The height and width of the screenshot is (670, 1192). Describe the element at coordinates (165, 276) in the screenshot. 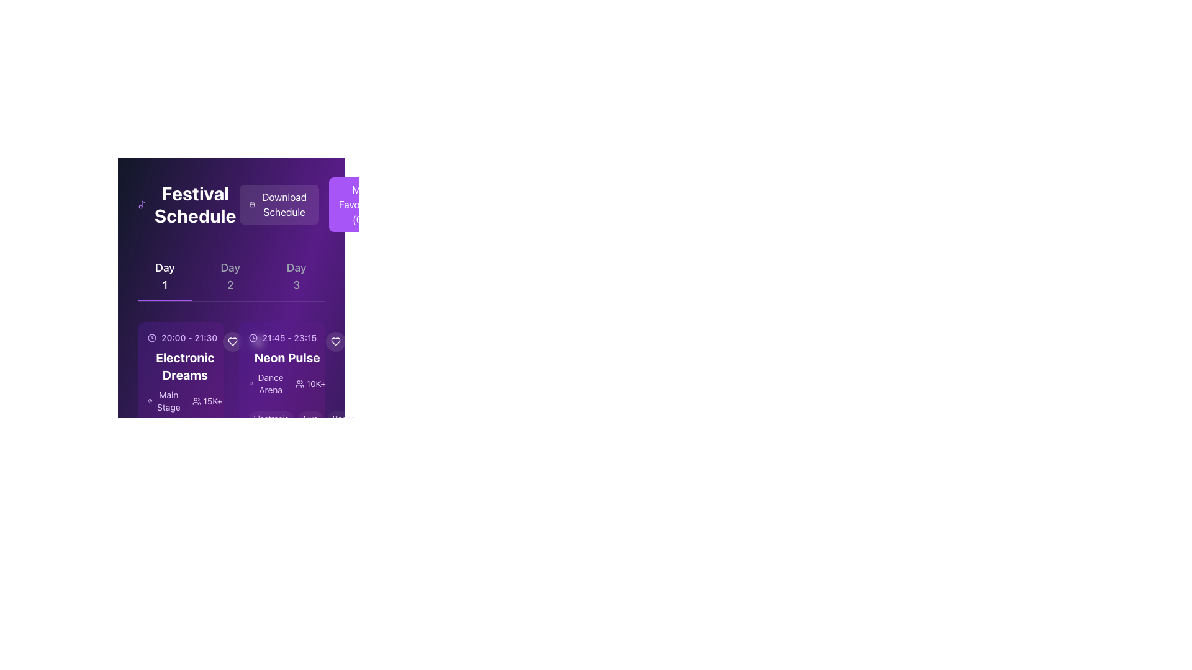

I see `the 'Day 1' button, which is the first button among three horizontal buttons labeled 'Day 1', 'Day 2', and 'Day 3', located below the 'Festival Schedule' section title` at that location.